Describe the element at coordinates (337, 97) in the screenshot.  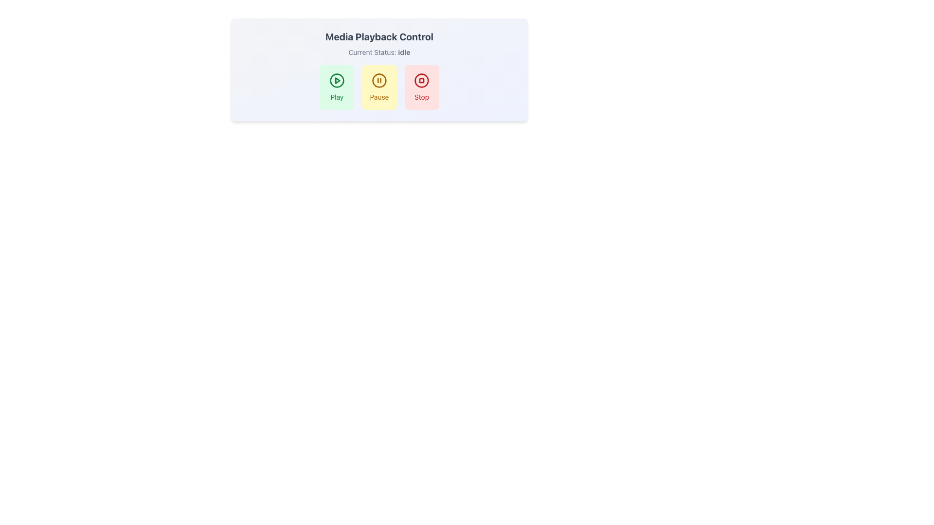
I see `the descriptive text label indicating the 'Play' action, which is part of a green button located to the left of the 'Pause' and 'Stop' buttons` at that location.